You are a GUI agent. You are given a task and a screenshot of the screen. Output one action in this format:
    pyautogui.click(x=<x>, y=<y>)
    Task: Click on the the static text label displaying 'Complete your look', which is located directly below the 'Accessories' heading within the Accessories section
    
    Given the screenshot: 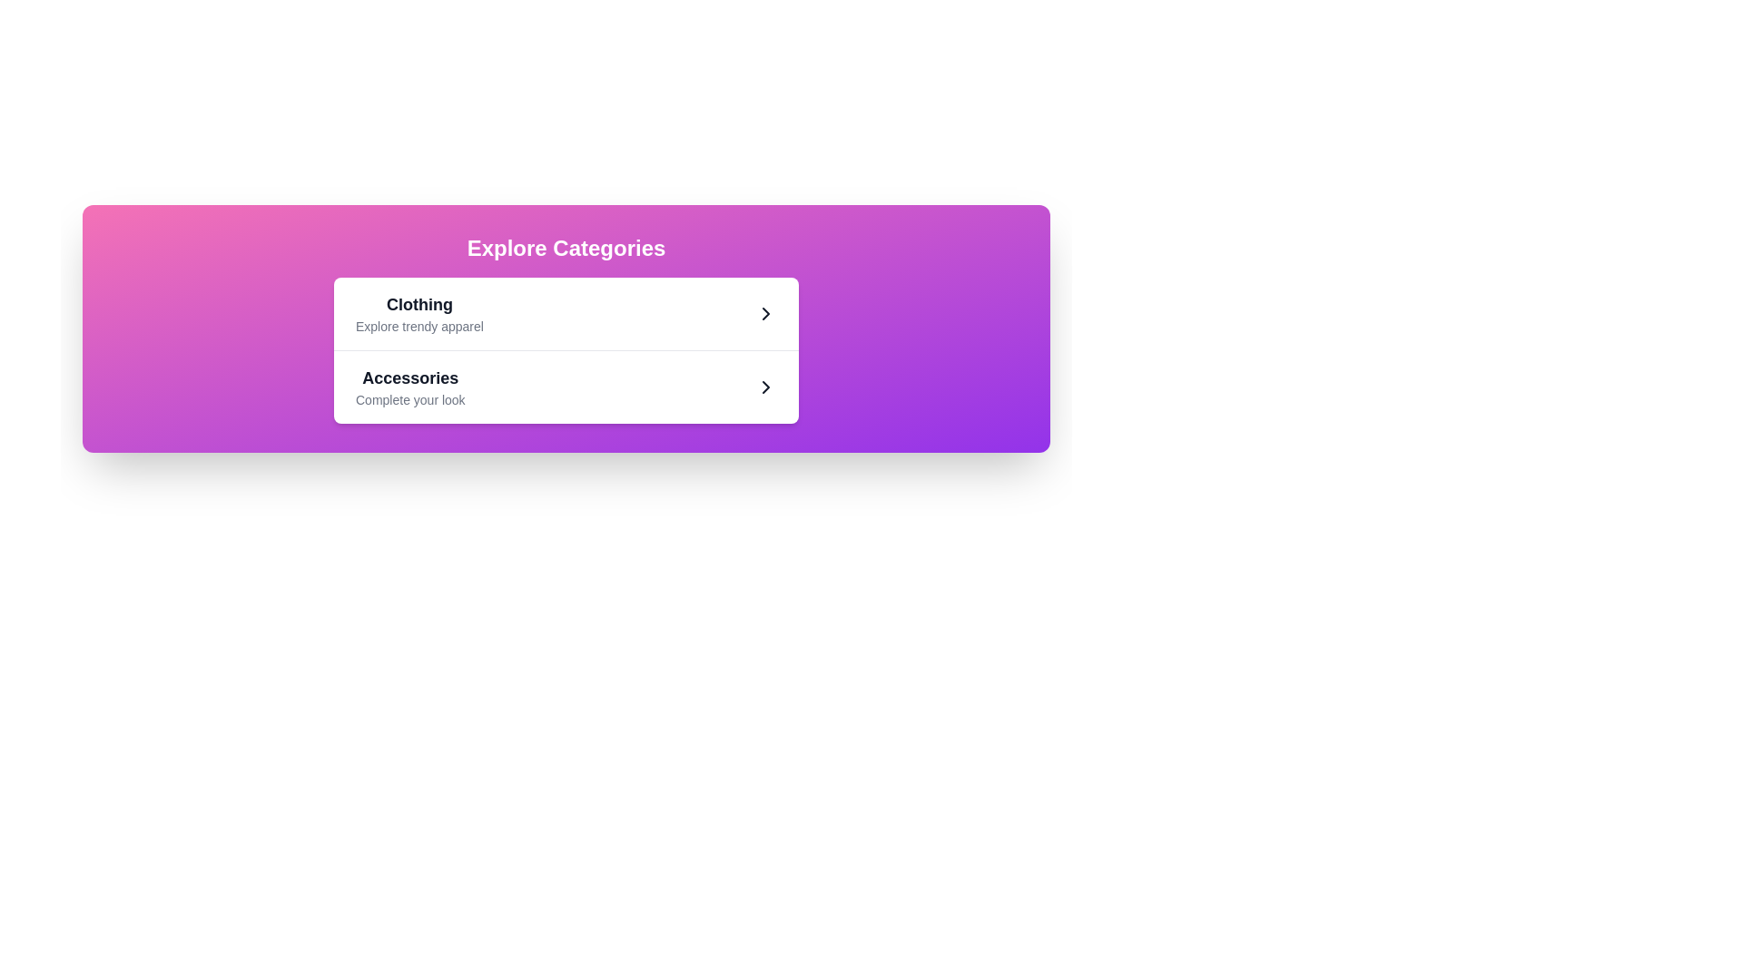 What is the action you would take?
    pyautogui.click(x=409, y=398)
    